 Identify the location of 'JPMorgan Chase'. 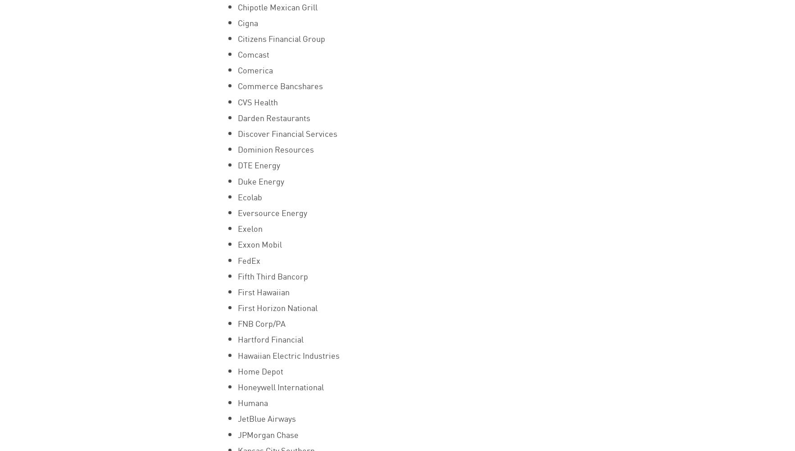
(267, 433).